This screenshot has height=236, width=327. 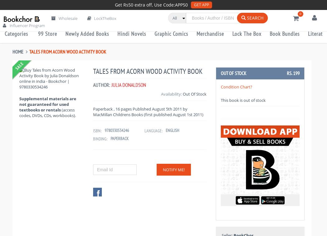 What do you see at coordinates (254, 17) in the screenshot?
I see `'Search'` at bounding box center [254, 17].